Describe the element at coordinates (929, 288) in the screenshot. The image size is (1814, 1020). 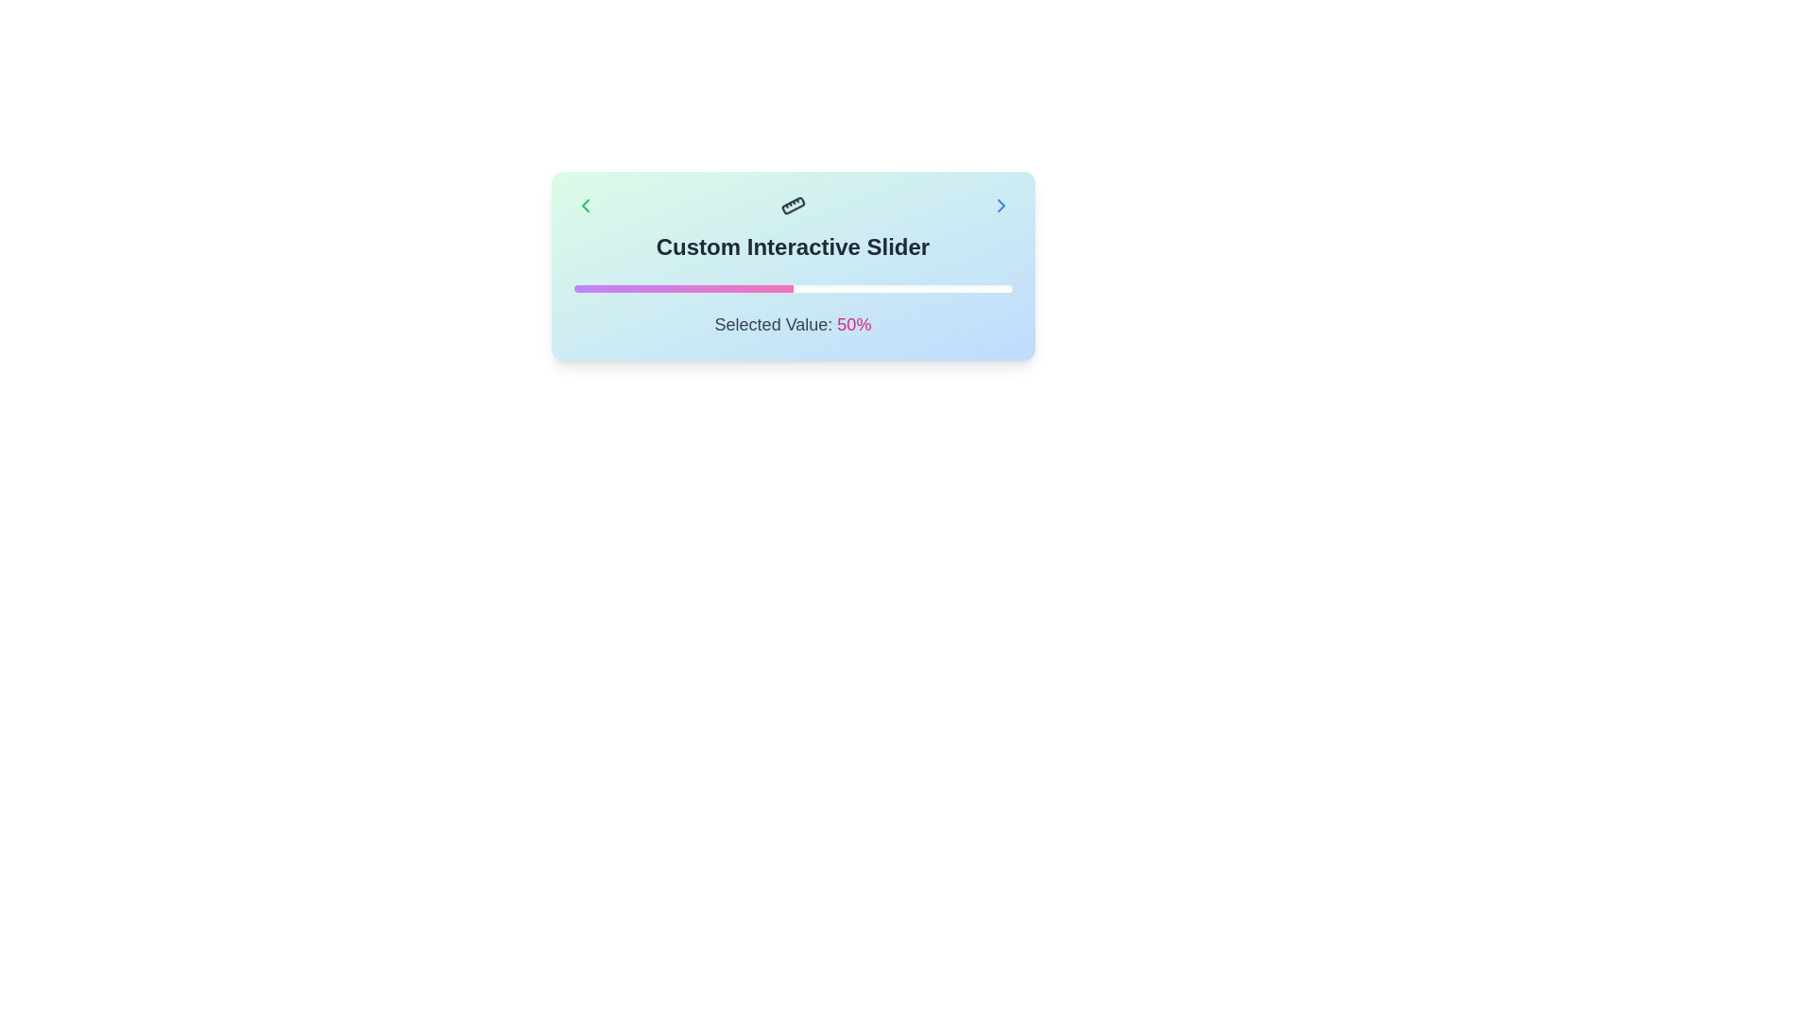
I see `the slider value` at that location.